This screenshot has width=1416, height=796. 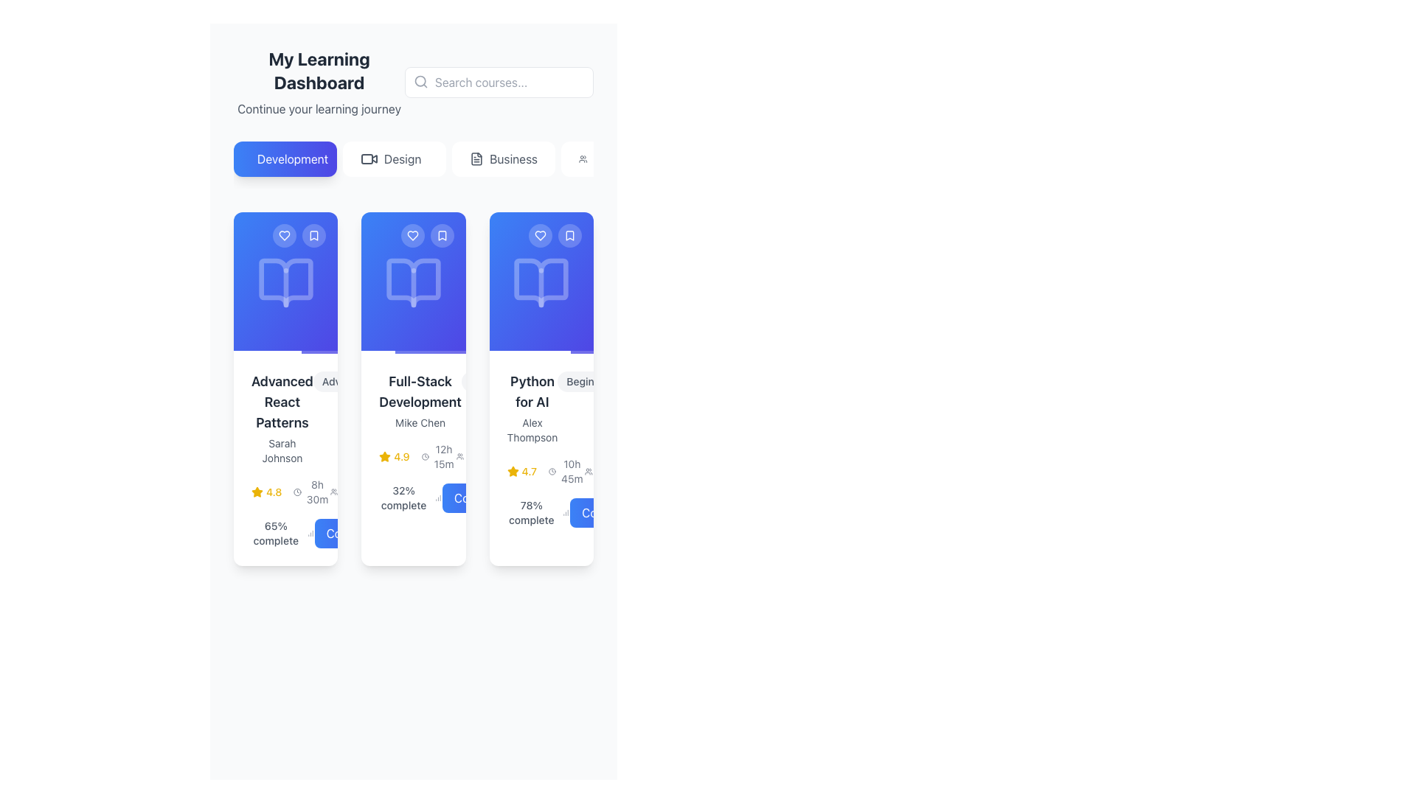 I want to click on the text label displaying '65% complete' located at the bottom-left of the card for 'Advanced React Patterns', so click(x=285, y=534).